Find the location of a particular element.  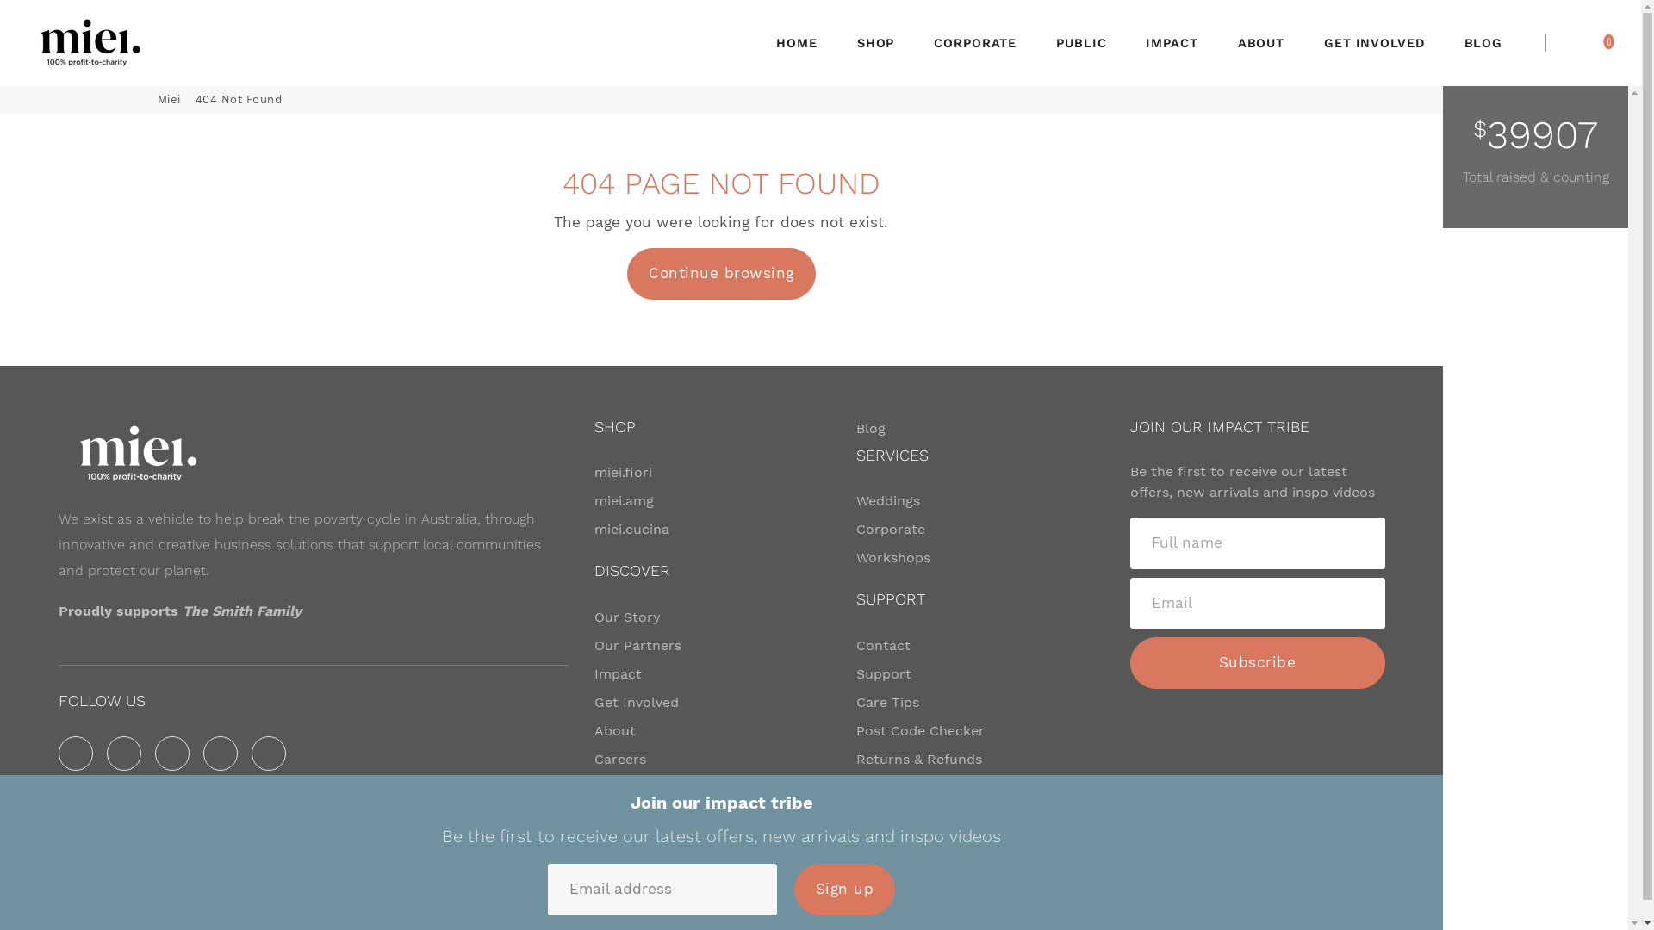

'miei.amg' is located at coordinates (623, 501).